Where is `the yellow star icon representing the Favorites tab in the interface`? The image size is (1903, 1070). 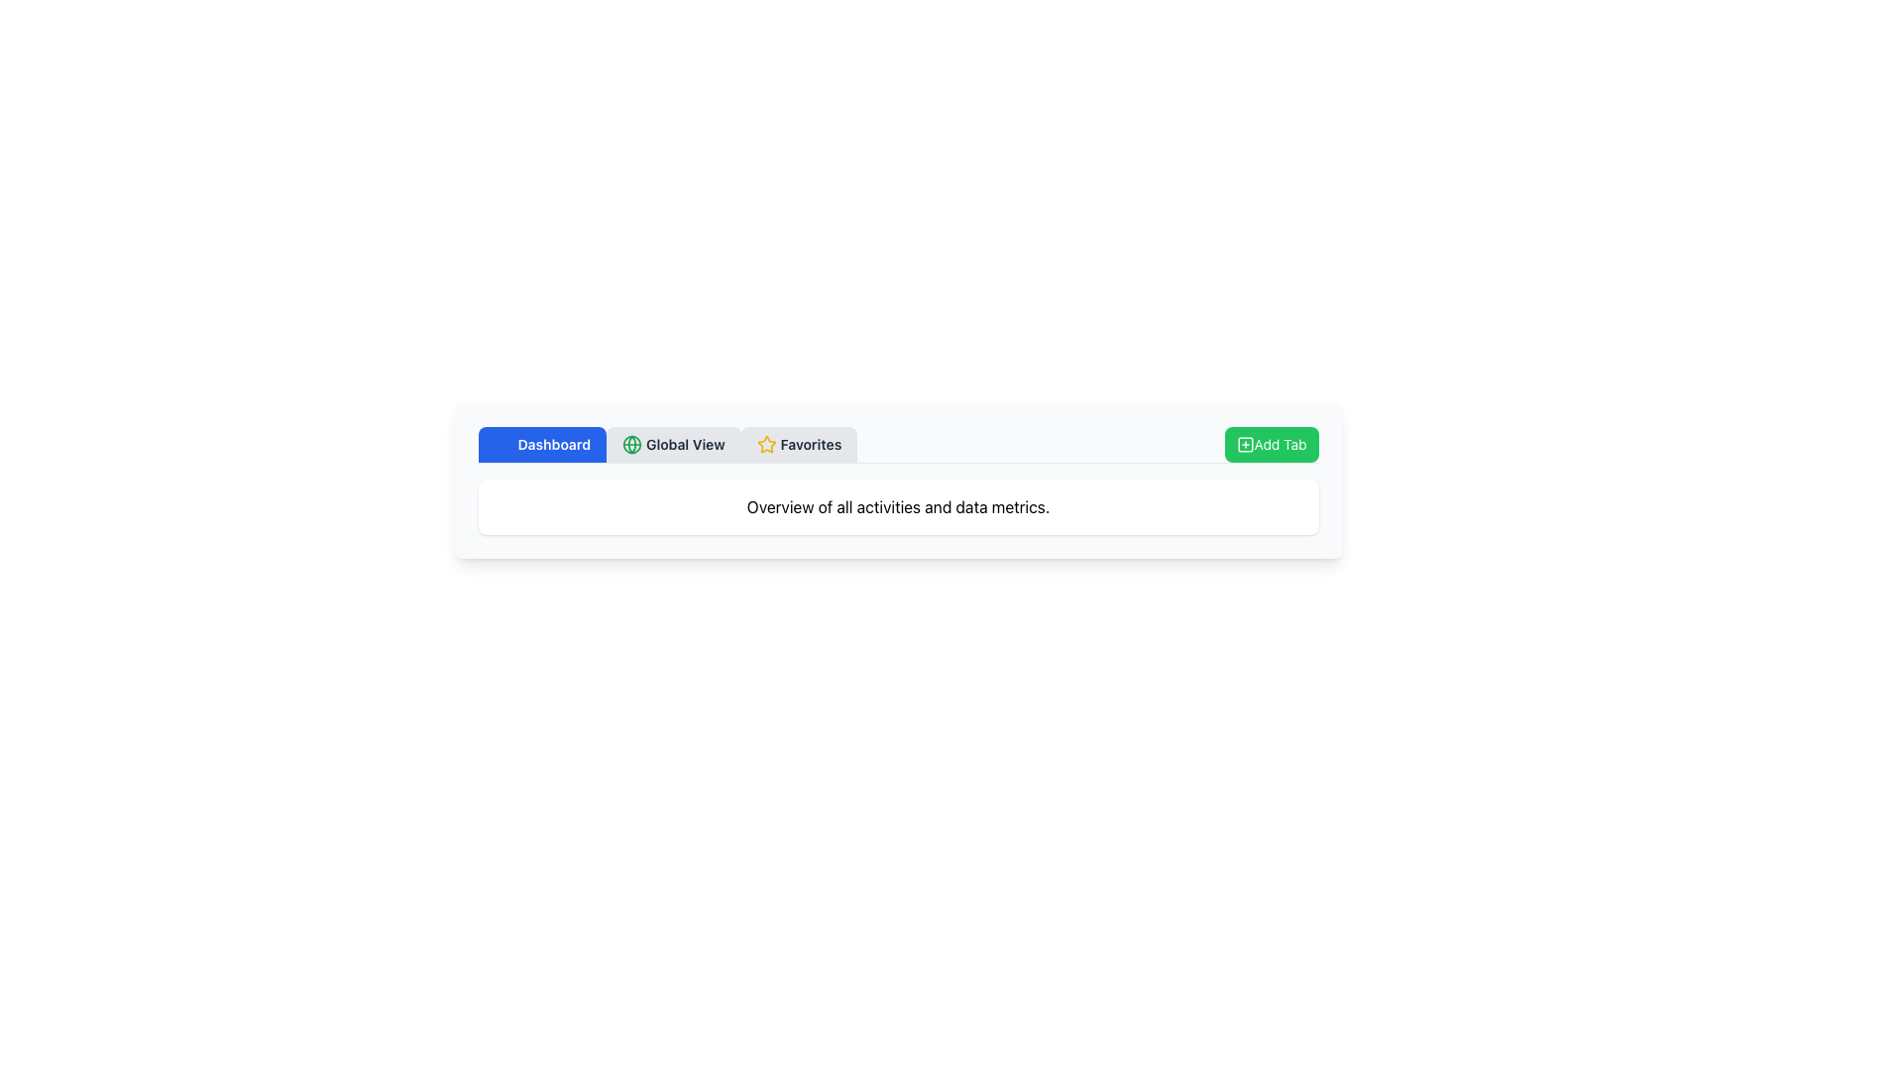
the yellow star icon representing the Favorites tab in the interface is located at coordinates (765, 443).